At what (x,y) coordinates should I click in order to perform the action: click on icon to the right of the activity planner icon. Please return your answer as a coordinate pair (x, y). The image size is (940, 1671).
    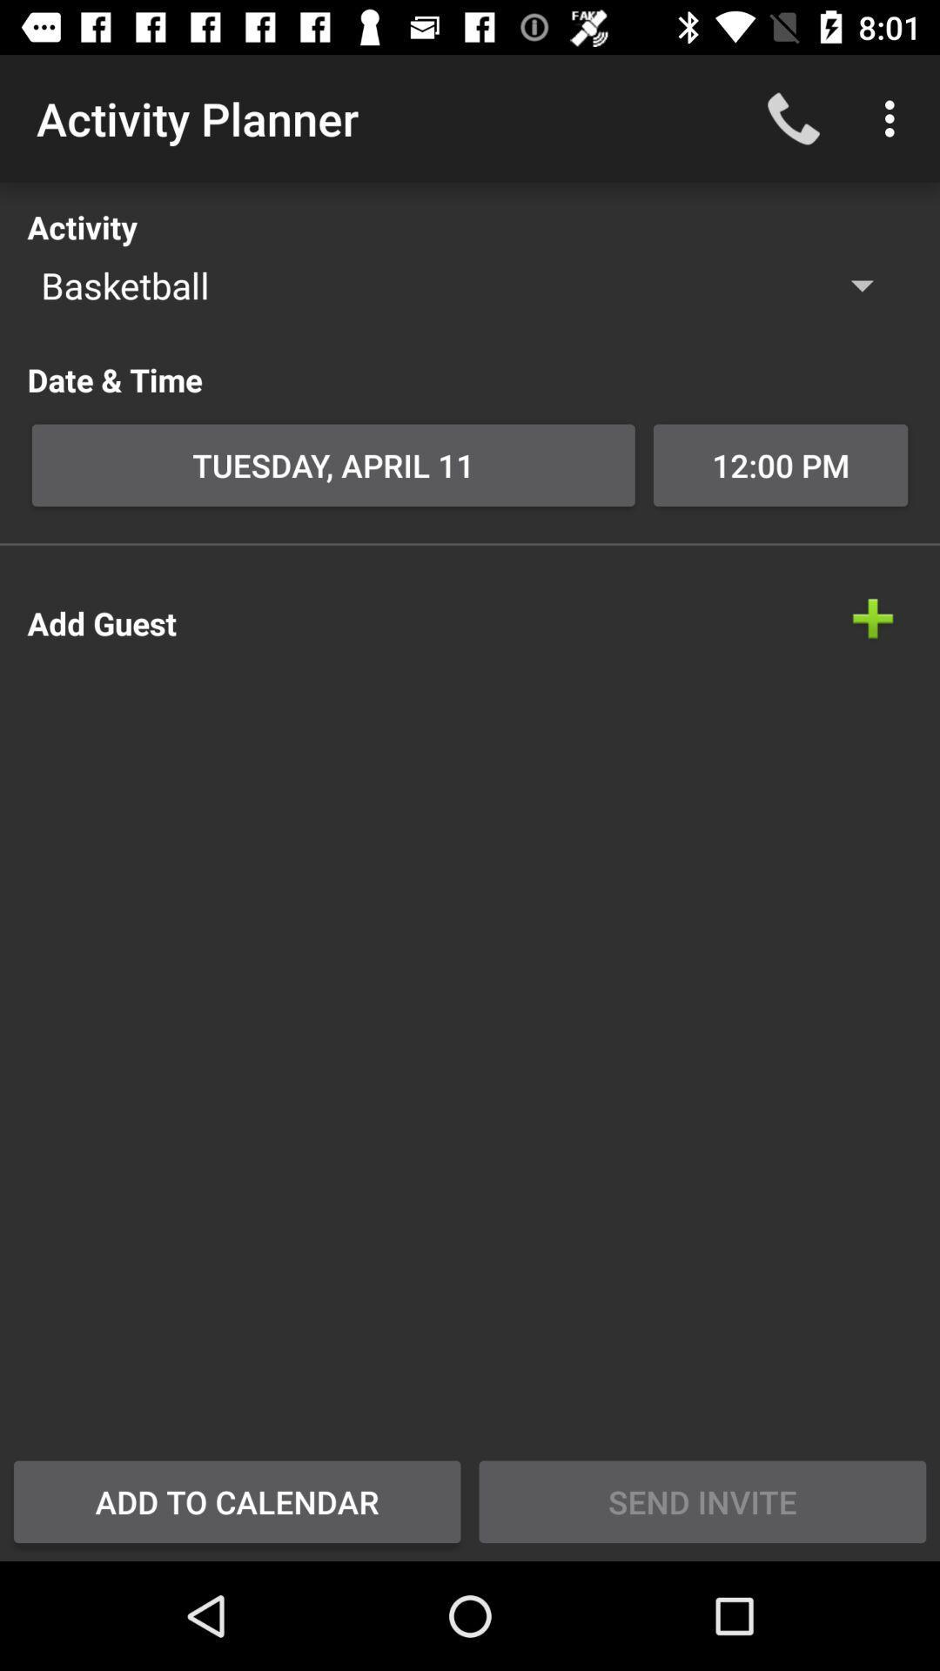
    Looking at the image, I should click on (793, 117).